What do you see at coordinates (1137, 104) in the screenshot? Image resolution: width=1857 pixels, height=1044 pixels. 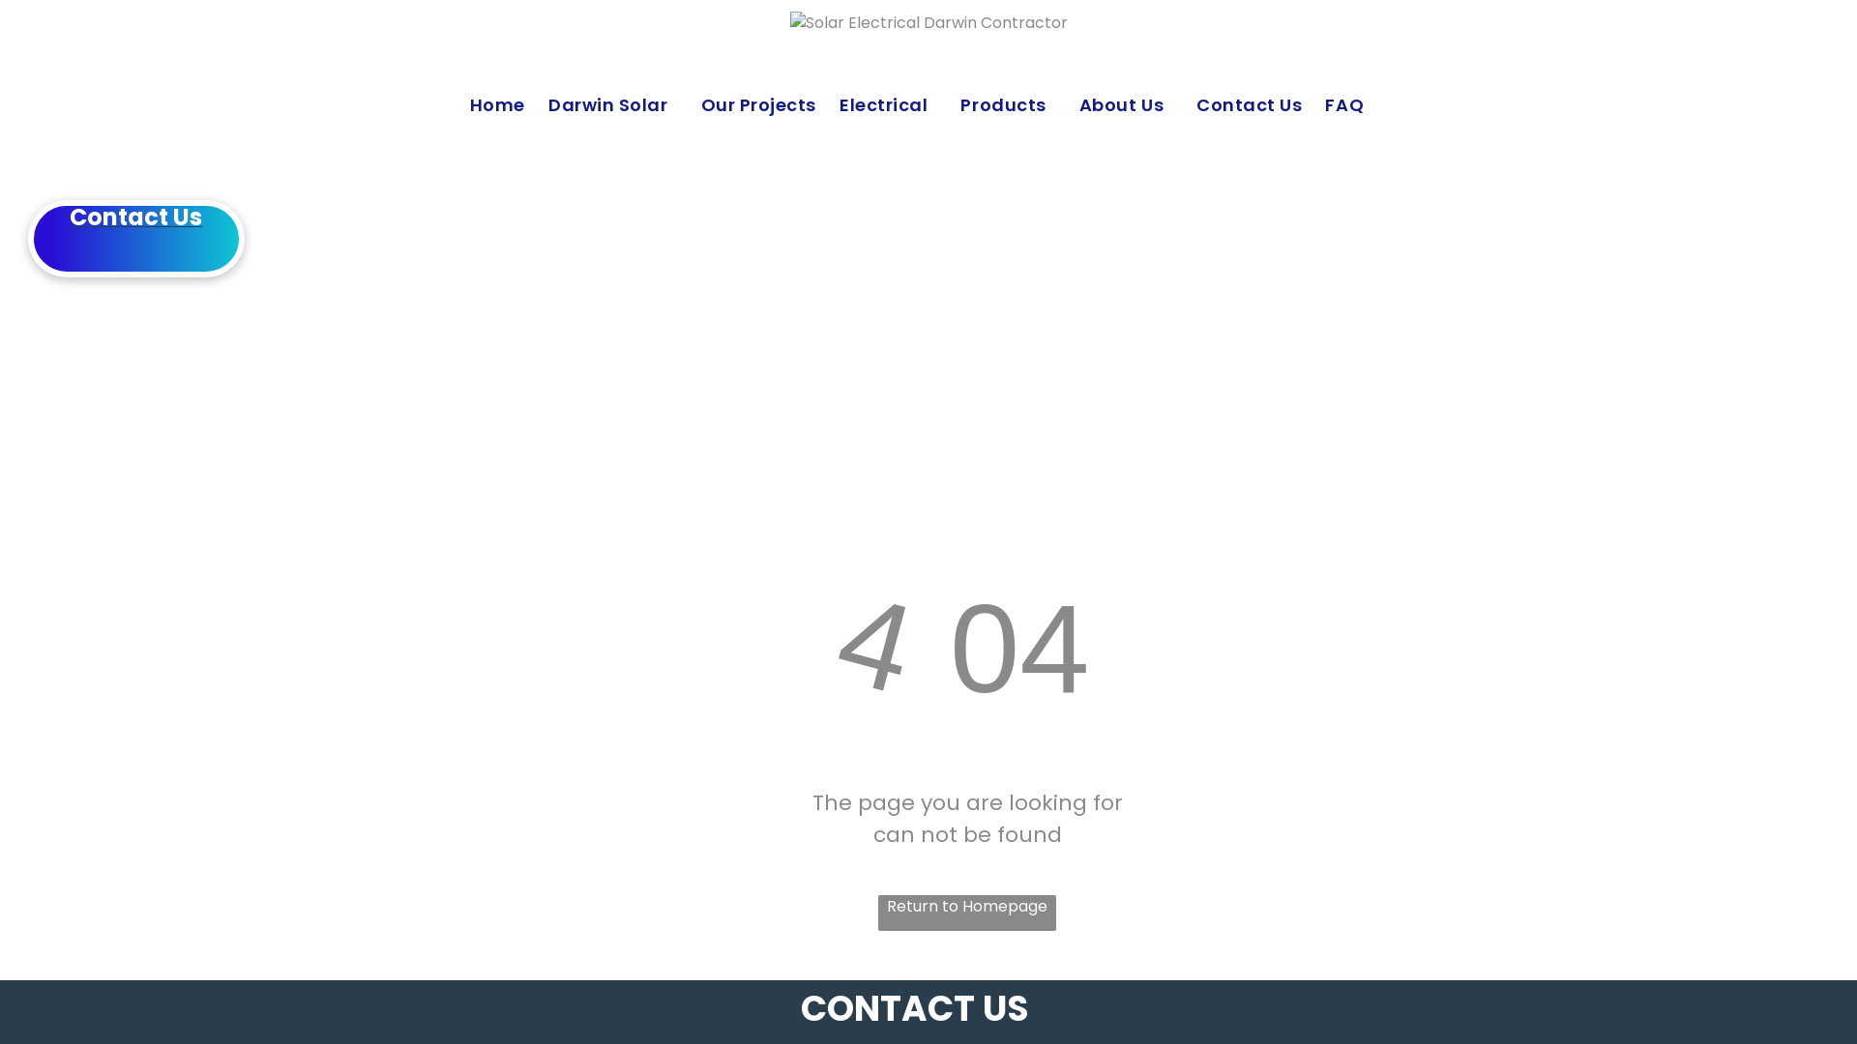 I see `'About Us'` at bounding box center [1137, 104].